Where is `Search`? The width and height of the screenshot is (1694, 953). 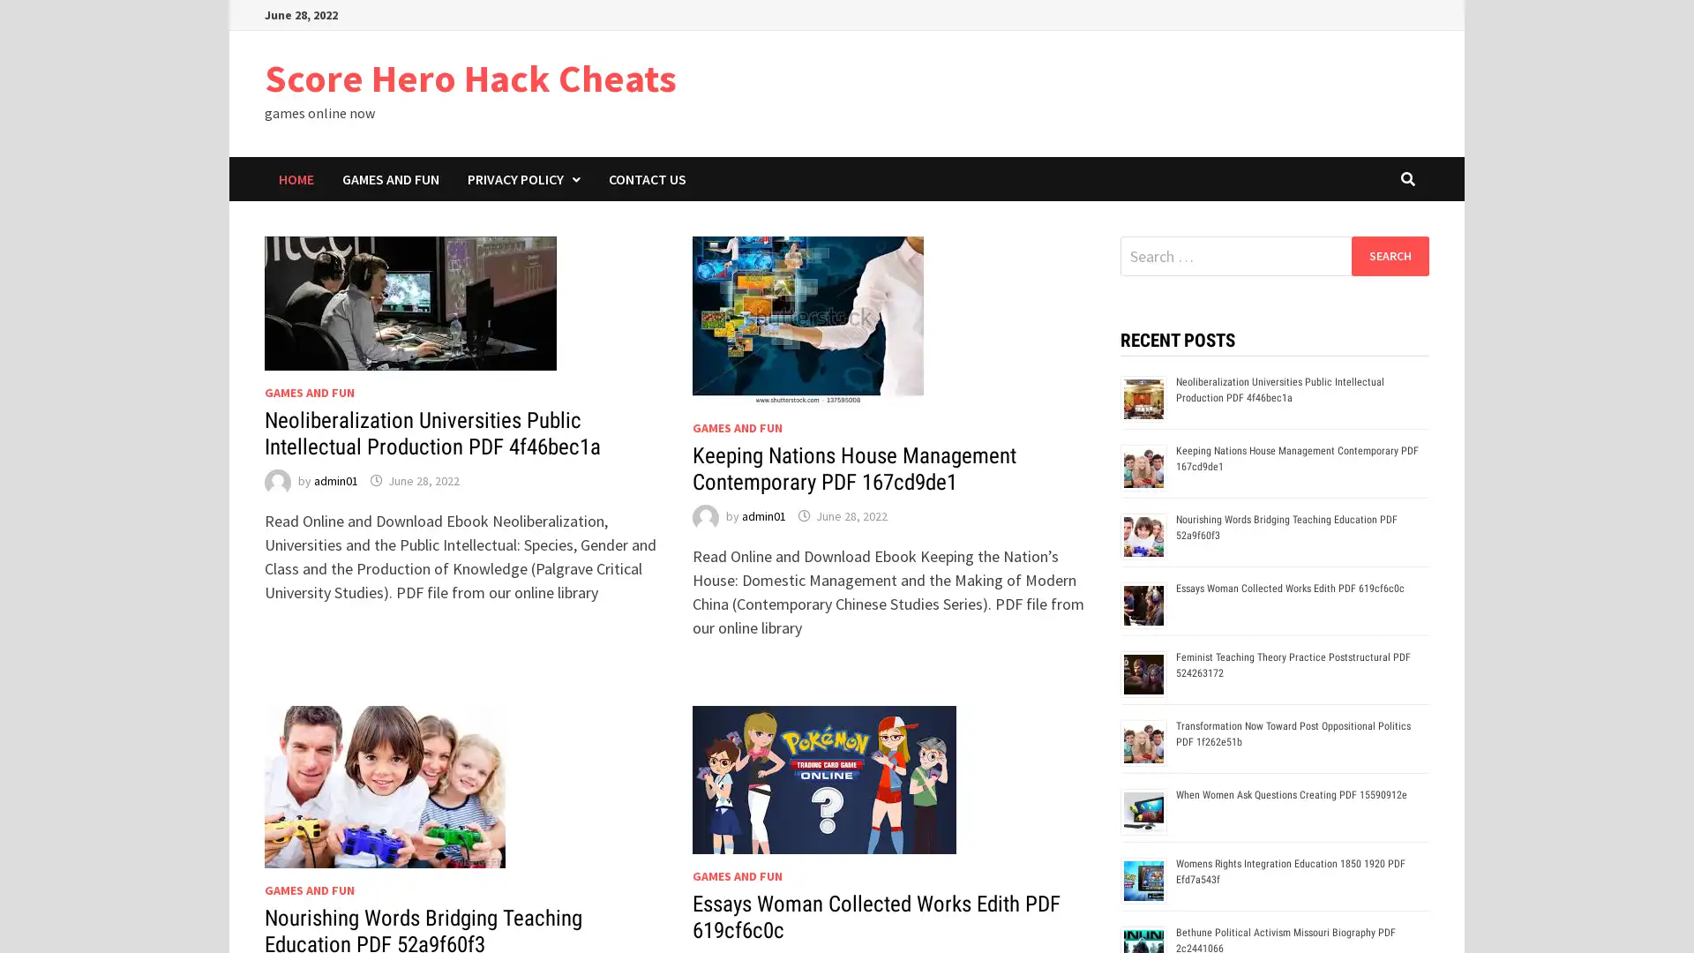 Search is located at coordinates (1389, 255).